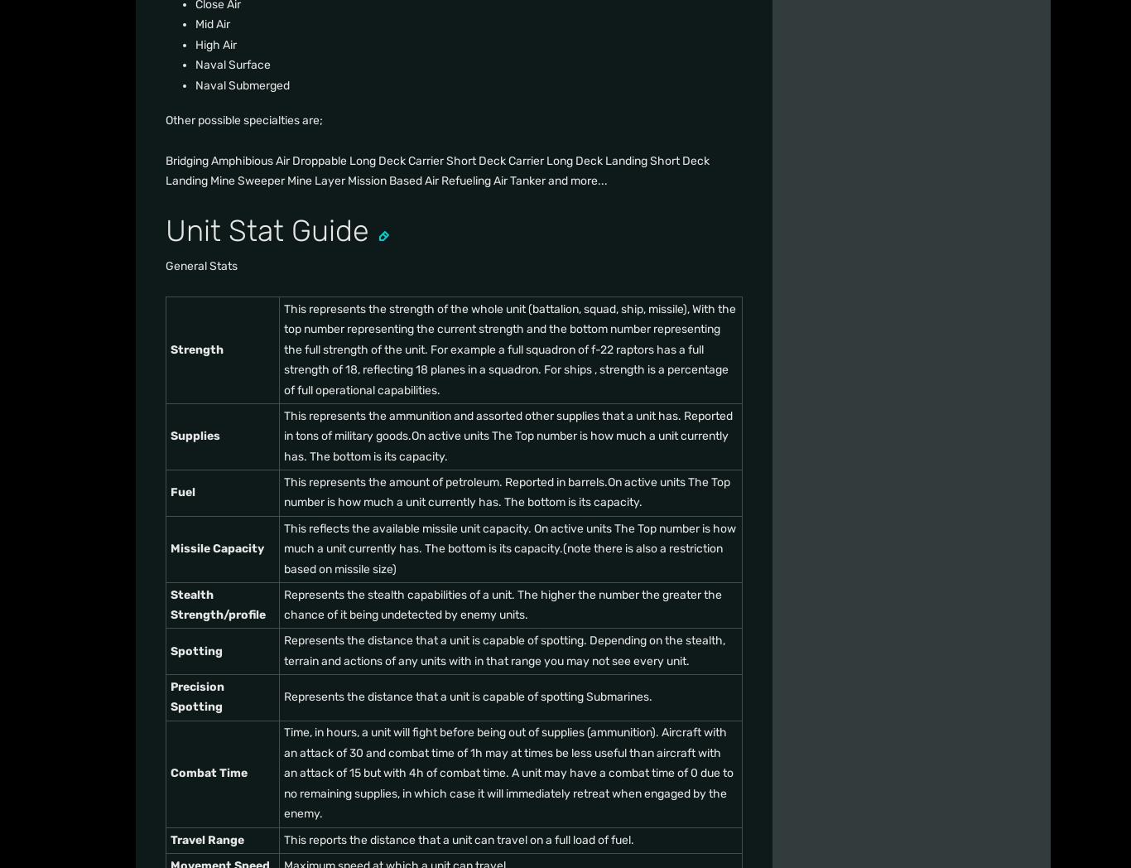 The width and height of the screenshot is (1131, 868). I want to click on 'Media Kit', so click(624, 367).